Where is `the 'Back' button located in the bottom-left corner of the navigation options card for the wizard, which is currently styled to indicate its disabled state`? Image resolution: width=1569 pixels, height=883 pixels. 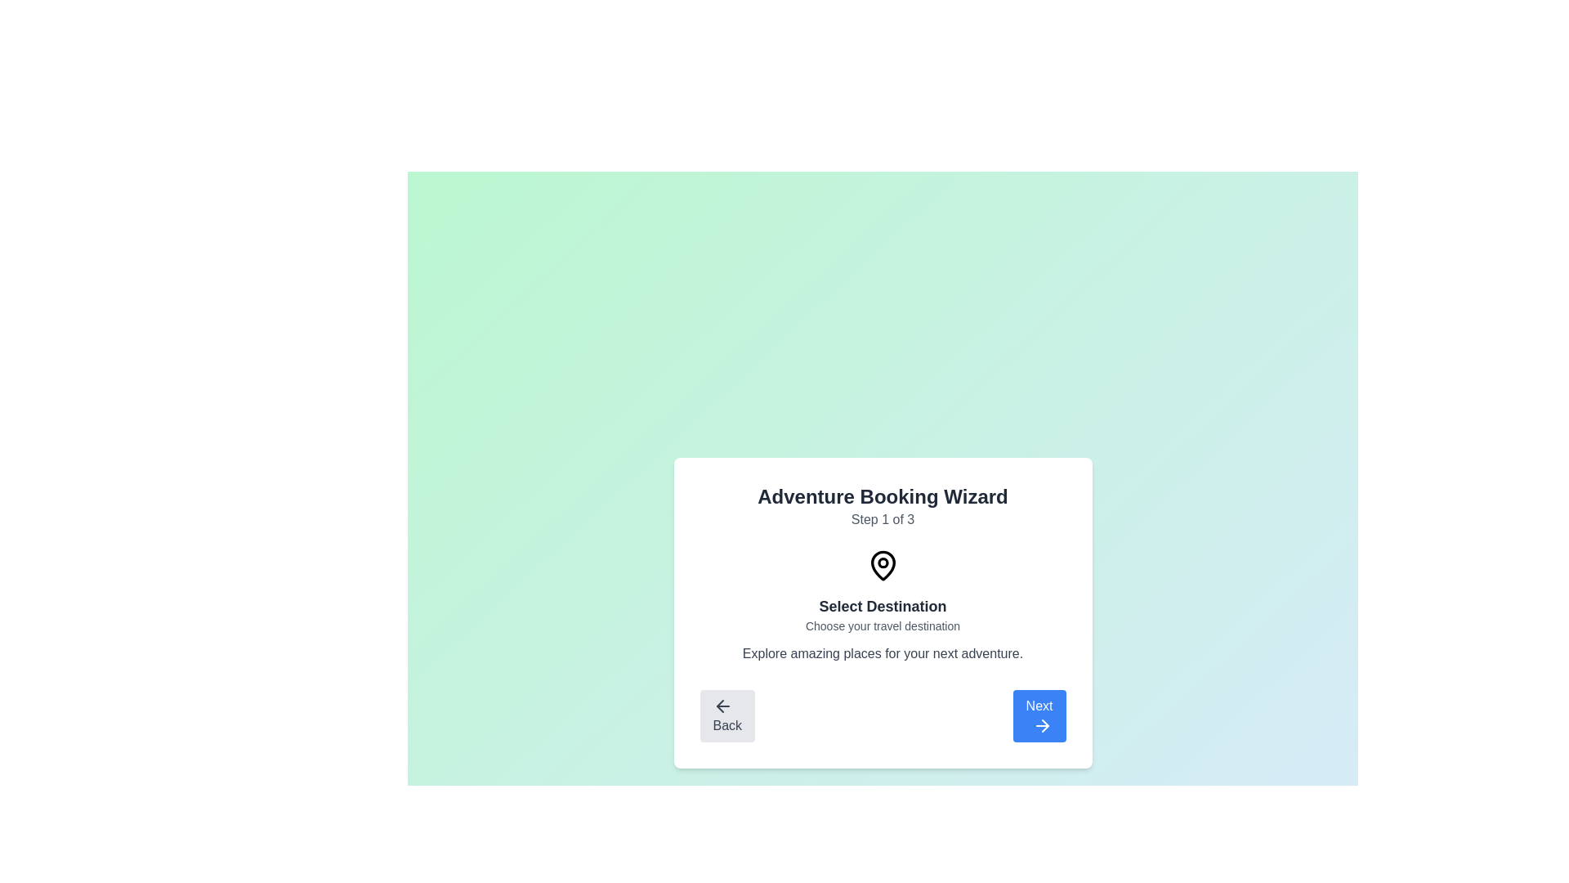
the 'Back' button located in the bottom-left corner of the navigation options card for the wizard, which is currently styled to indicate its disabled state is located at coordinates (726, 715).